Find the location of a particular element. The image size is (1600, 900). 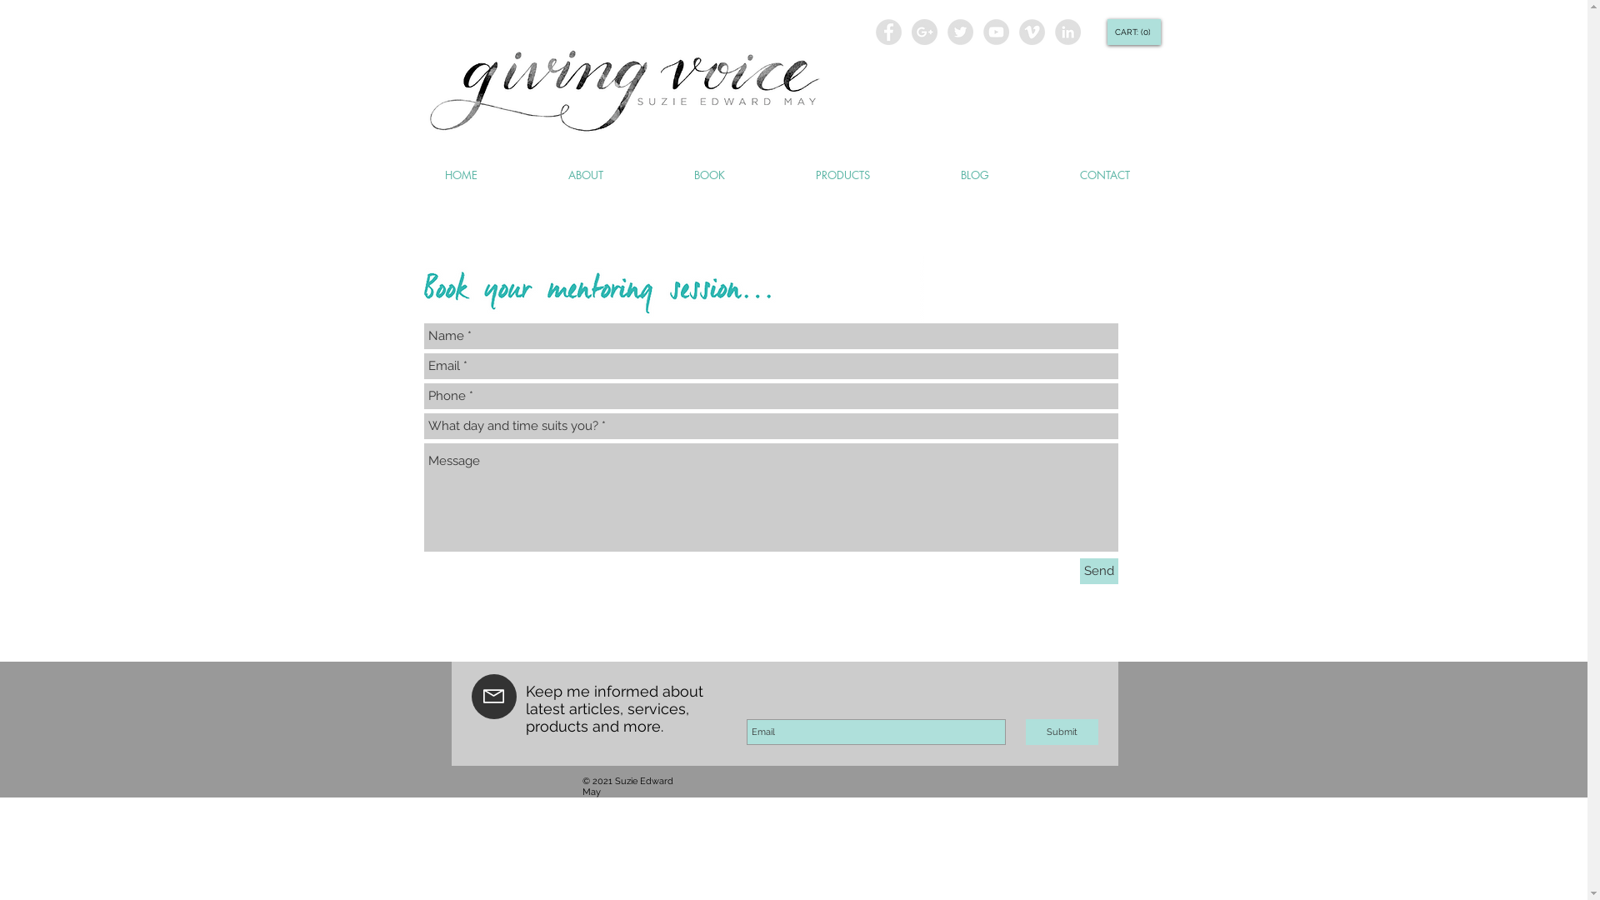

'BLOG' is located at coordinates (974, 175).